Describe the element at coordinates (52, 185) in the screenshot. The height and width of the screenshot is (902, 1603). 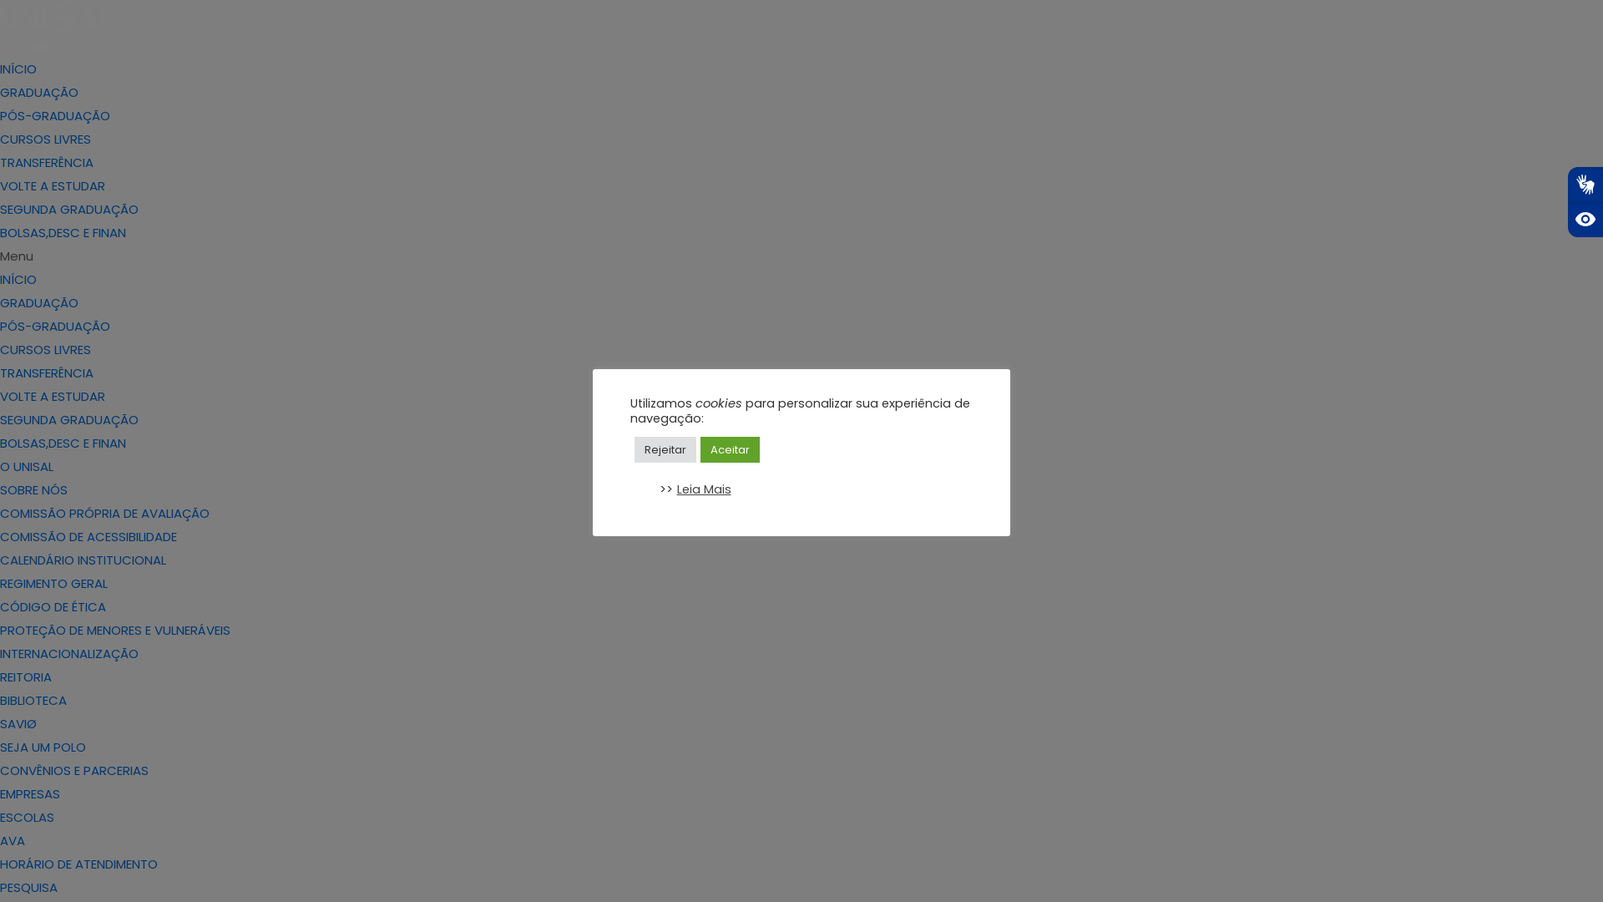
I see `'VOLTE A ESTUDAR'` at that location.